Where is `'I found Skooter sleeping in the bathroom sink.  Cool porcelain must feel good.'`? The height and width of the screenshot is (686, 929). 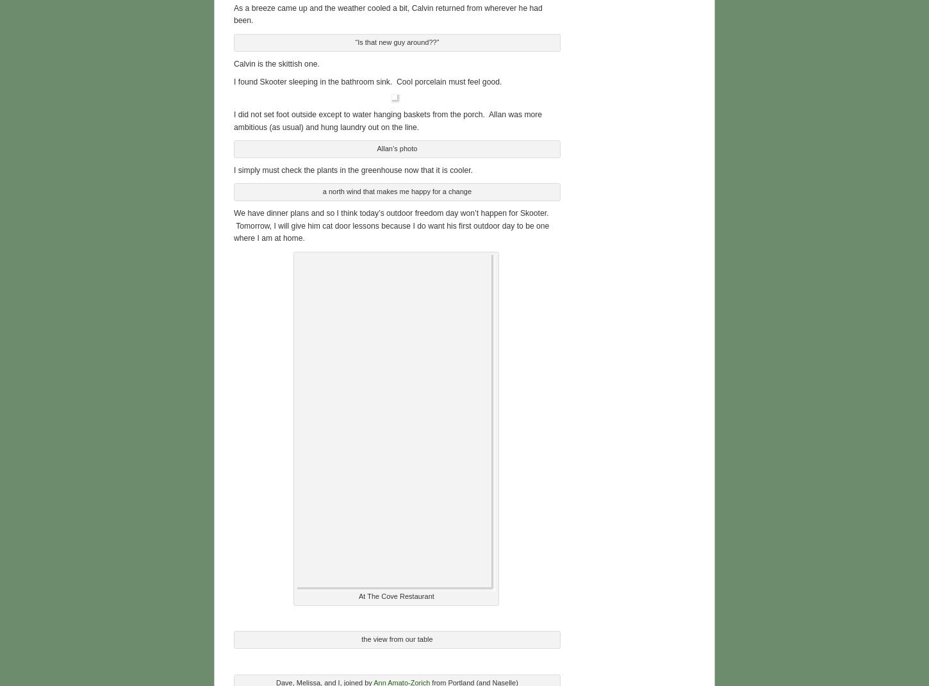
'I found Skooter sleeping in the bathroom sink.  Cool porcelain must feel good.' is located at coordinates (368, 79).